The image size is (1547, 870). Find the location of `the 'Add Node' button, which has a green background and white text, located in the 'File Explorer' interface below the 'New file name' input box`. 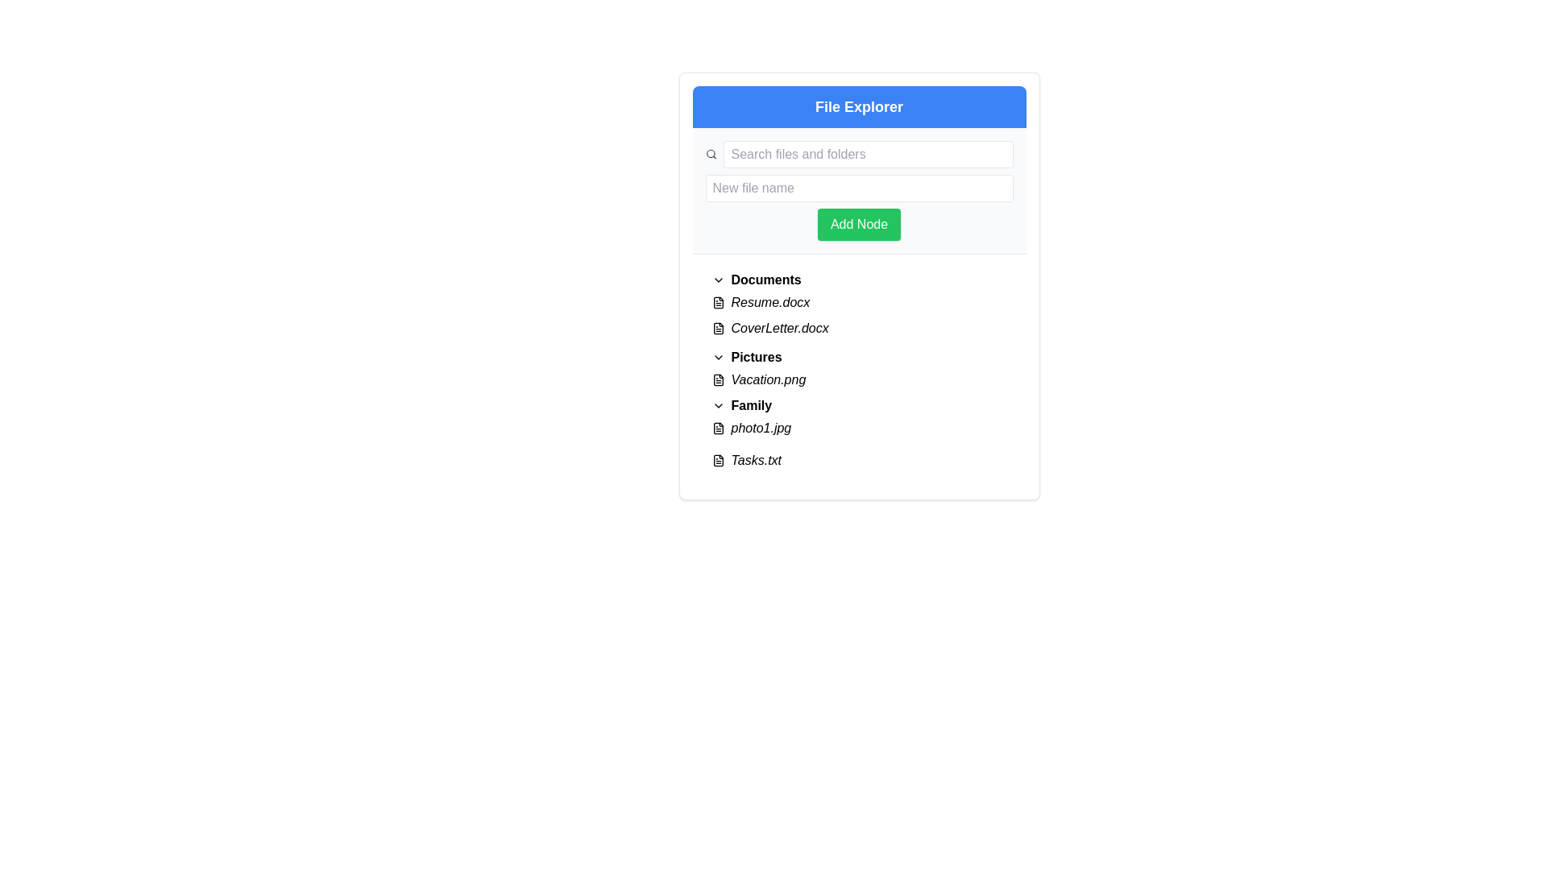

the 'Add Node' button, which has a green background and white text, located in the 'File Explorer' interface below the 'New file name' input box is located at coordinates (858, 224).